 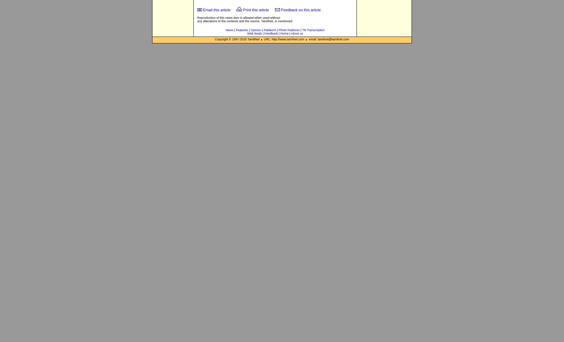 What do you see at coordinates (227, 39) in the screenshot?
I see `'Copyright © 1997-'` at bounding box center [227, 39].